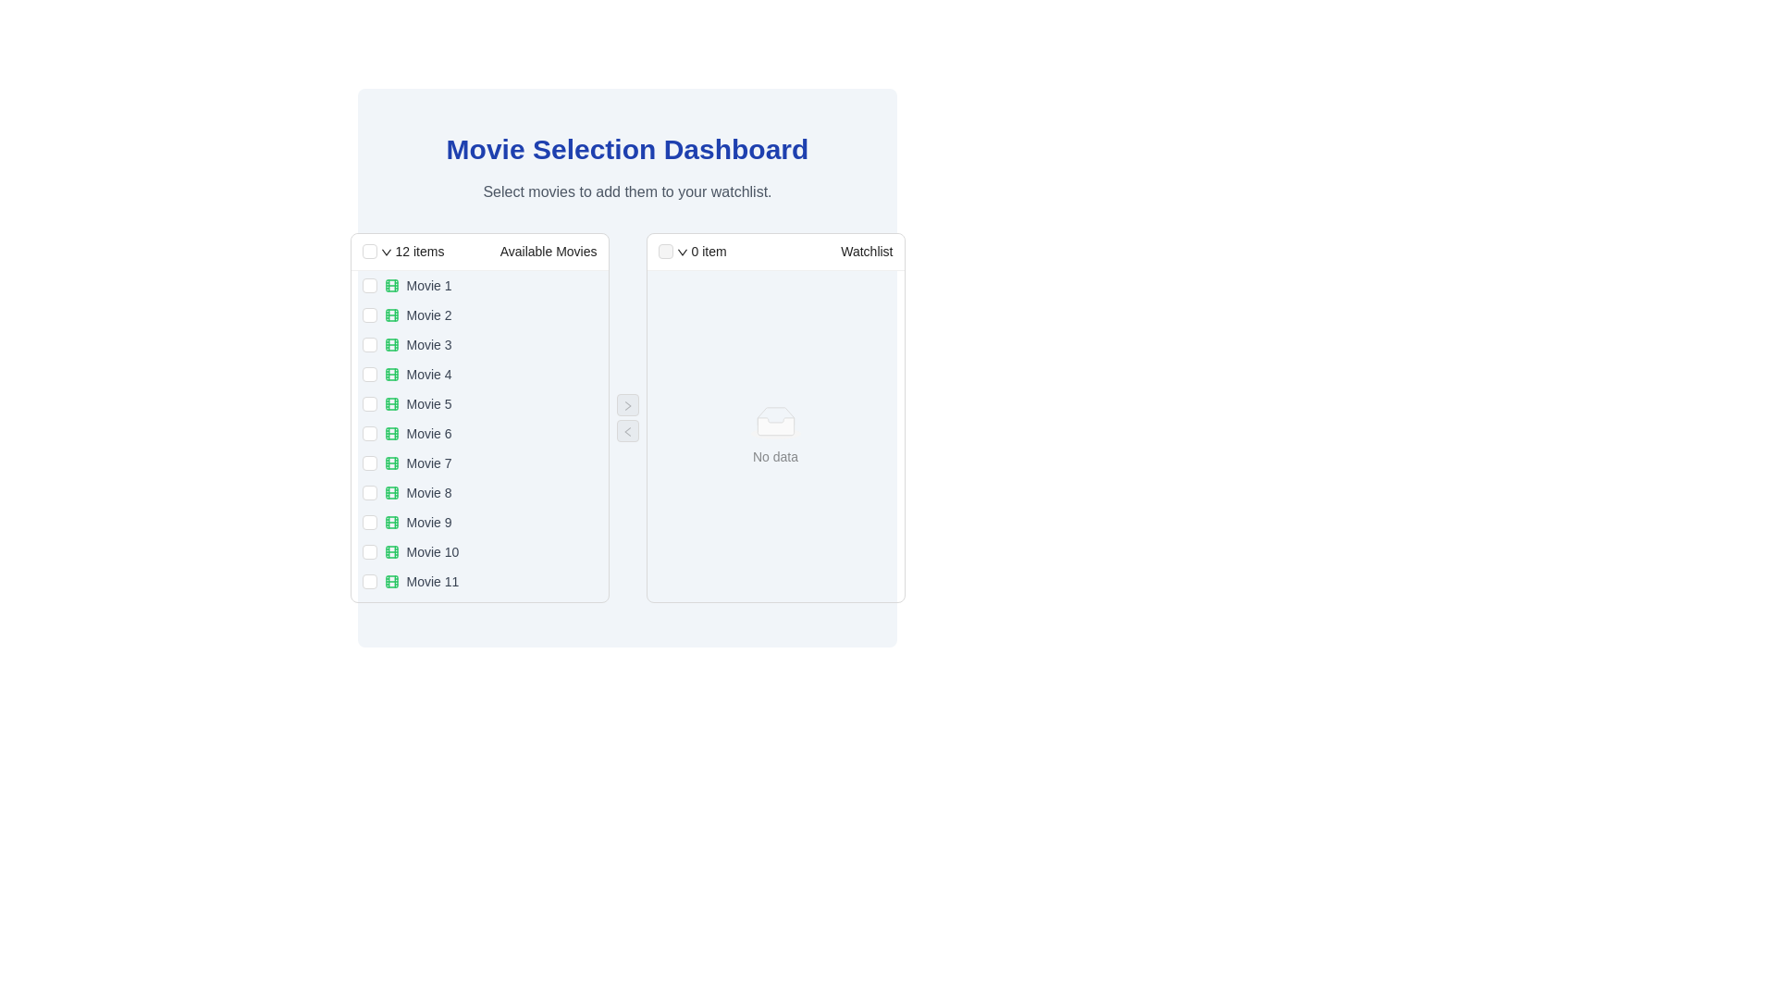 The width and height of the screenshot is (1776, 999). What do you see at coordinates (627, 417) in the screenshot?
I see `an item in the dual-column selection view that manages 'Available Movies' and 'Watchlist'` at bounding box center [627, 417].